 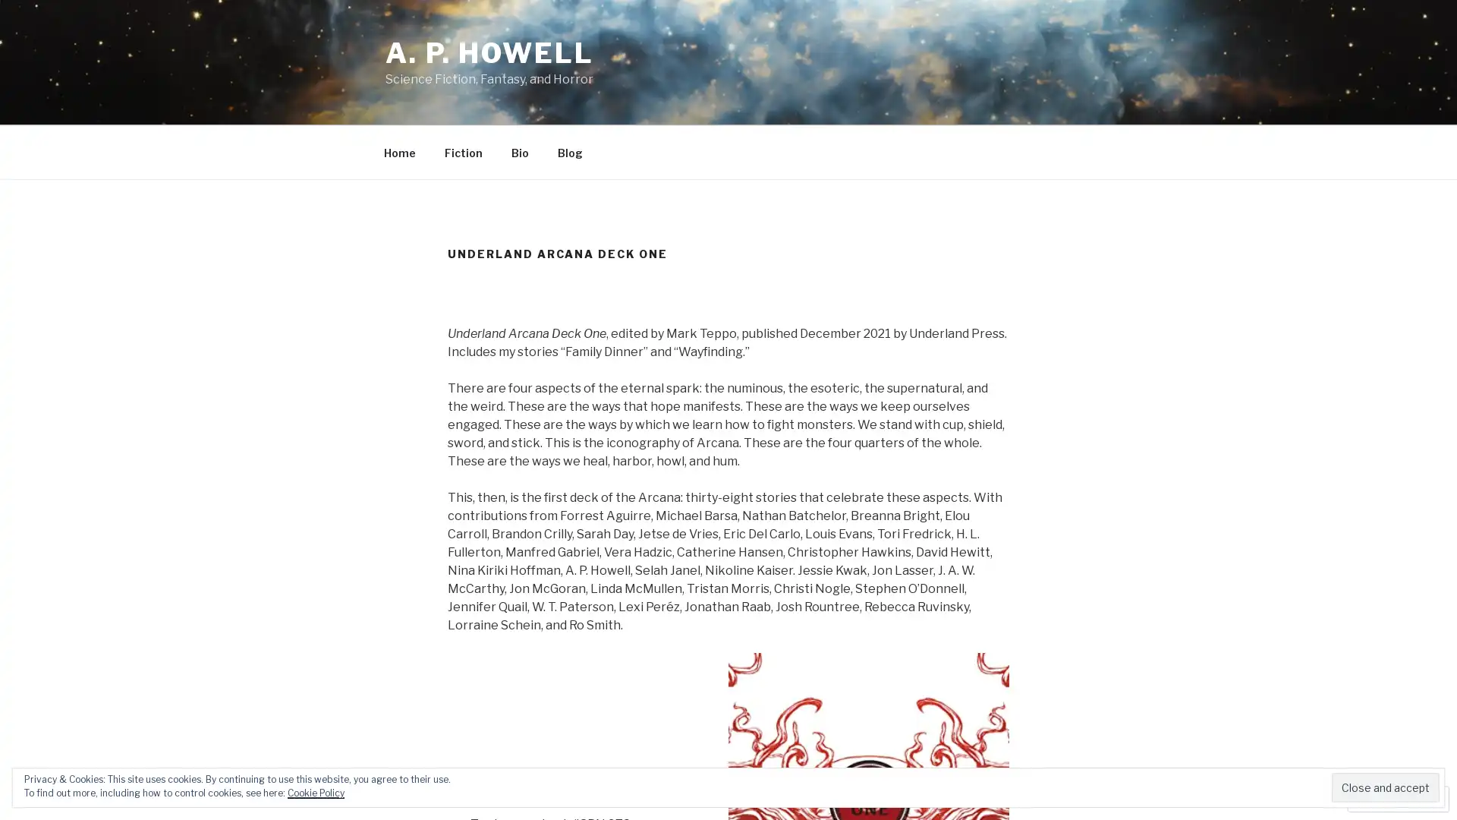 What do you see at coordinates (1385, 787) in the screenshot?
I see `Close and accept` at bounding box center [1385, 787].